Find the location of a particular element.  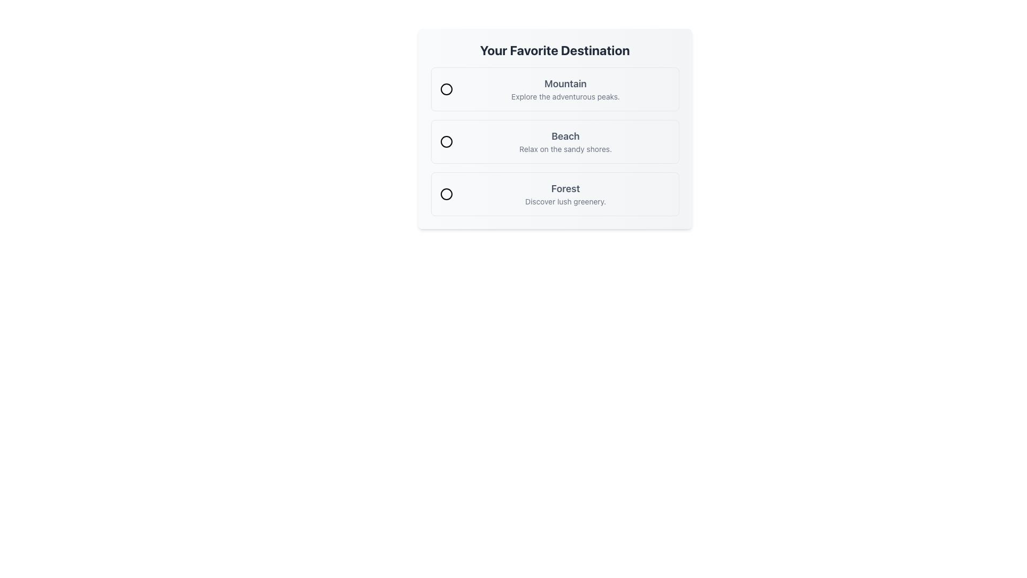

the first selectable list item for the 'Mountain' destination is located at coordinates (555, 88).